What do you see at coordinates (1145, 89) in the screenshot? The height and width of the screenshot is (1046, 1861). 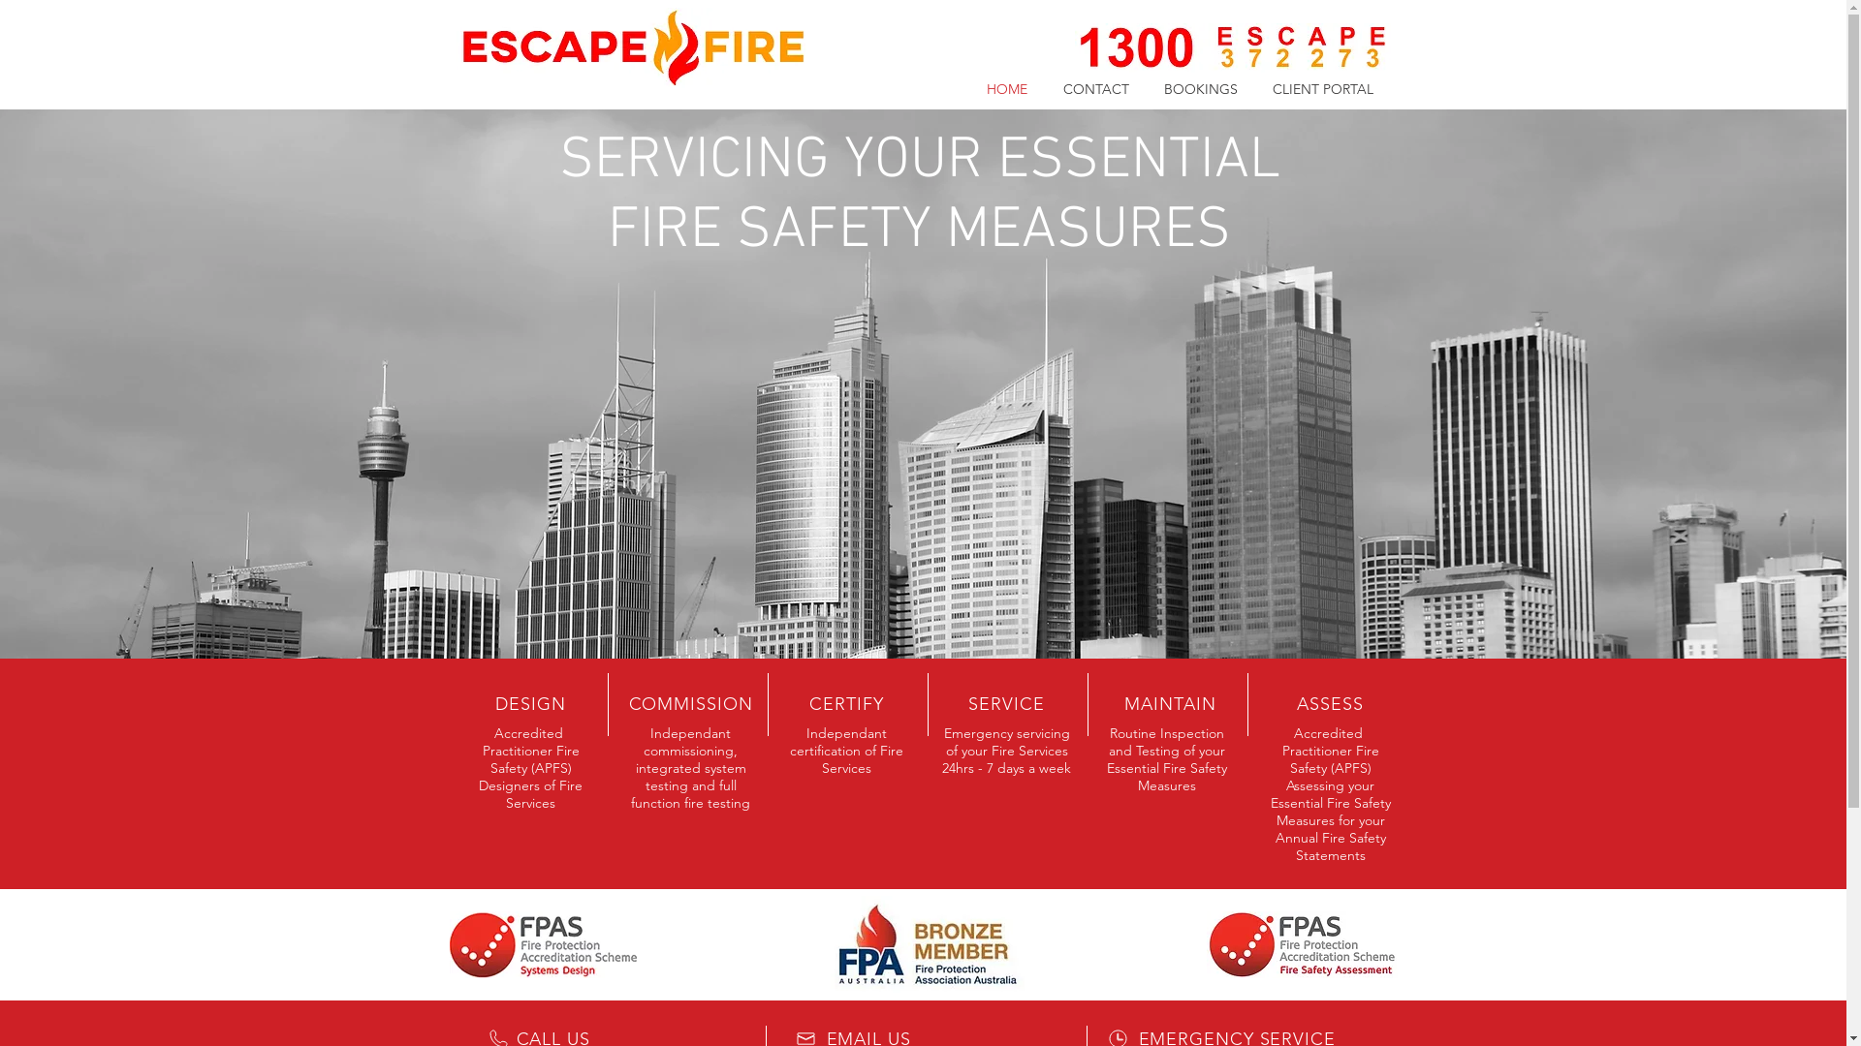 I see `'BOOKINGS'` at bounding box center [1145, 89].